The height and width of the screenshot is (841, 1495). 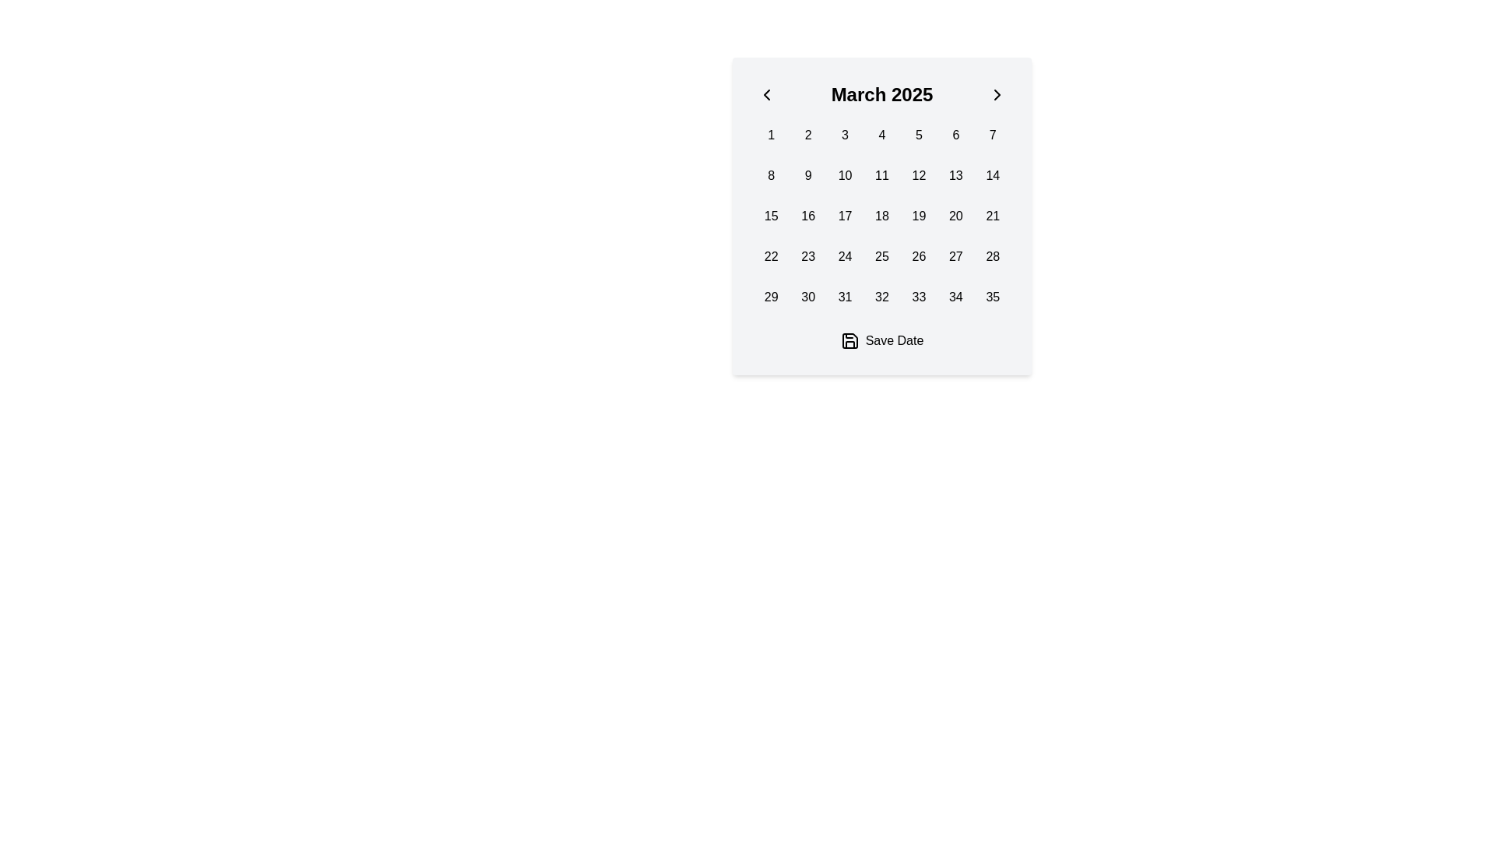 I want to click on the 'Save Date' icon that indicates the functionality of saving a date, so click(x=849, y=340).